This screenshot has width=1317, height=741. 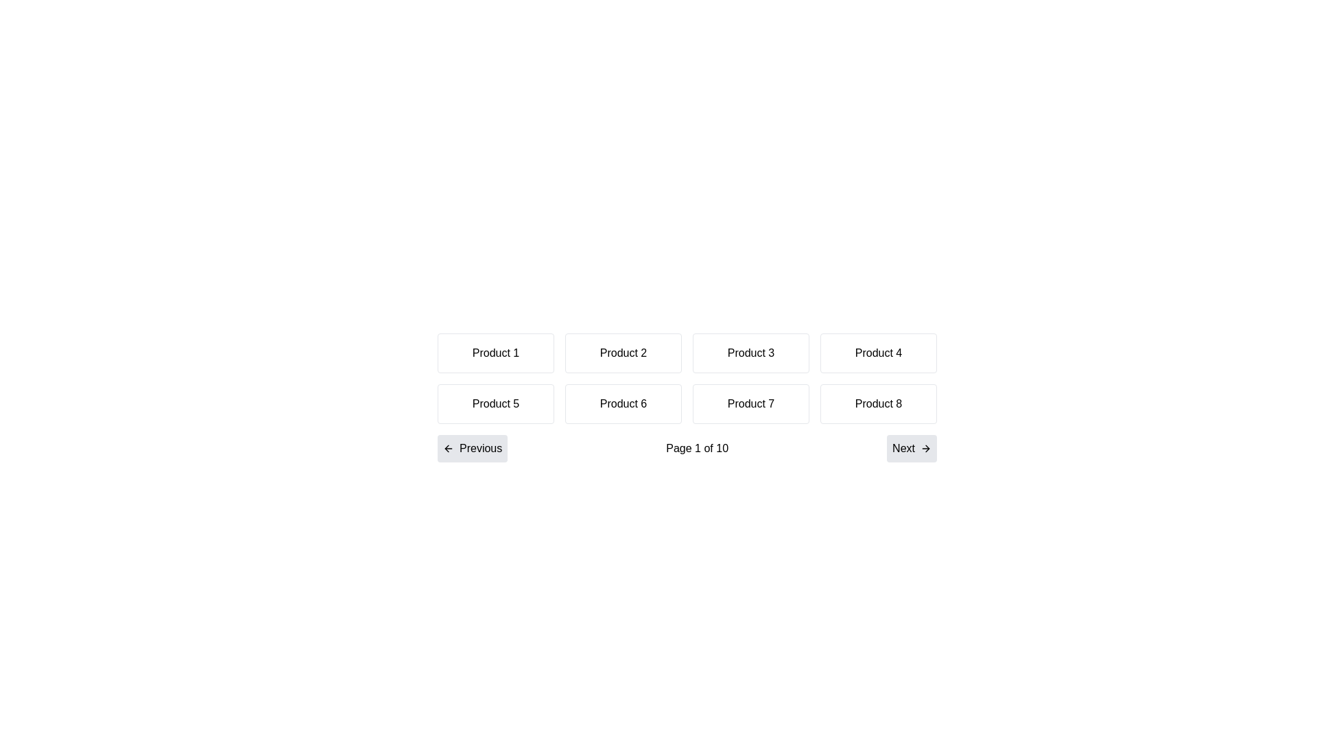 I want to click on the text label 'Product 1' located in the top-left corner of a bordered box within a 2x4 grid layout, so click(x=495, y=353).